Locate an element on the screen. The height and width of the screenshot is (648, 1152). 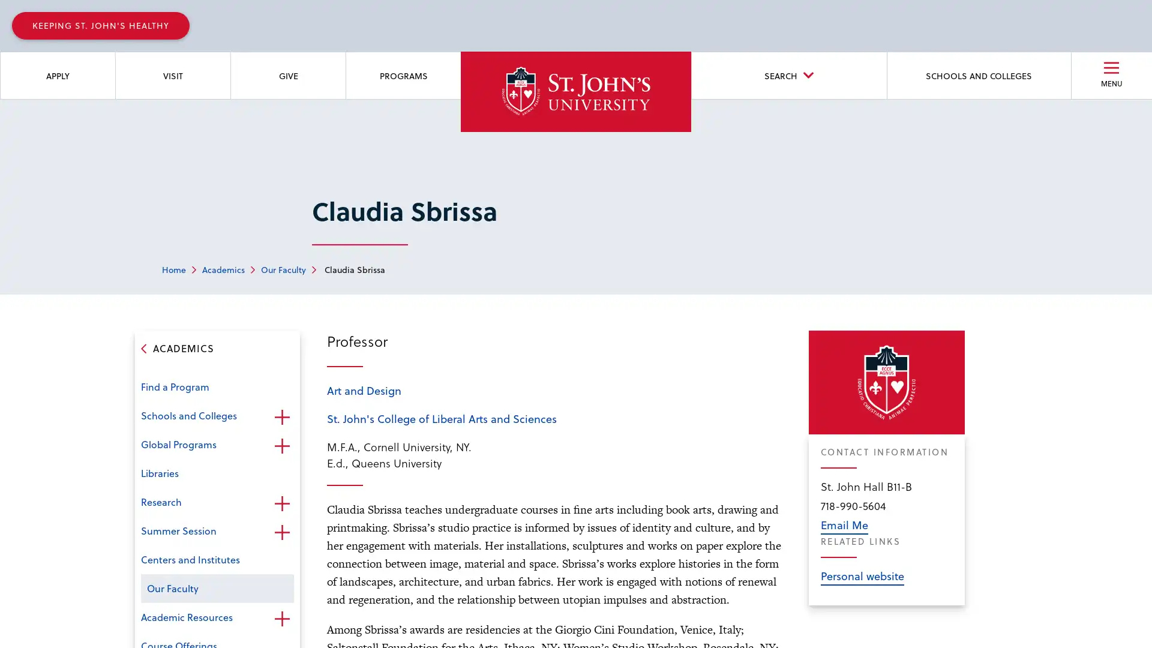
Open the sub-menu is located at coordinates (281, 416).